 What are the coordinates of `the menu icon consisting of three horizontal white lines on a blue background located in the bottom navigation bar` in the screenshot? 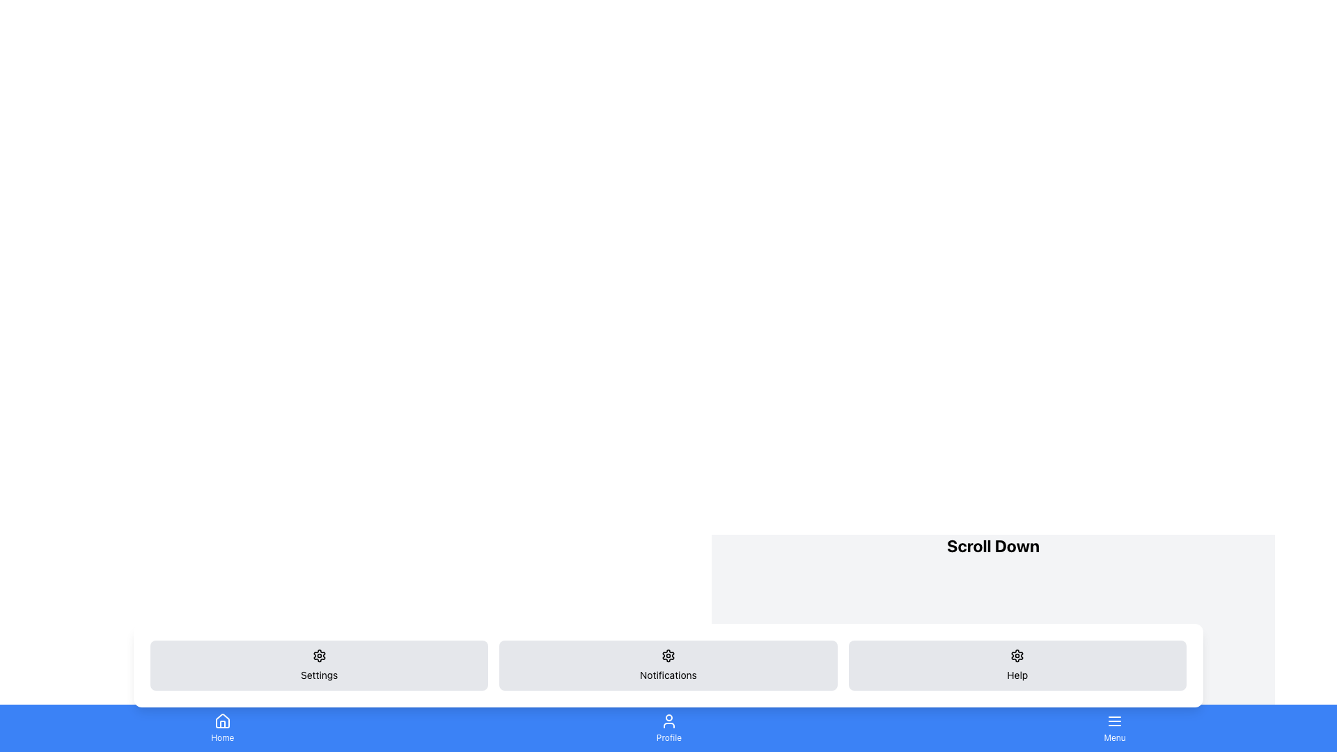 It's located at (1115, 721).